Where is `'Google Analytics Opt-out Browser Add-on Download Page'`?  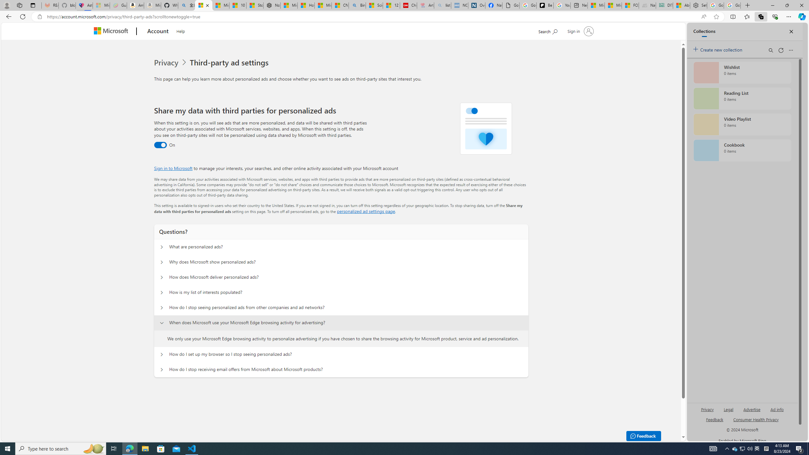
'Google Analytics Opt-out Browser Add-on Download Page' is located at coordinates (510, 5).